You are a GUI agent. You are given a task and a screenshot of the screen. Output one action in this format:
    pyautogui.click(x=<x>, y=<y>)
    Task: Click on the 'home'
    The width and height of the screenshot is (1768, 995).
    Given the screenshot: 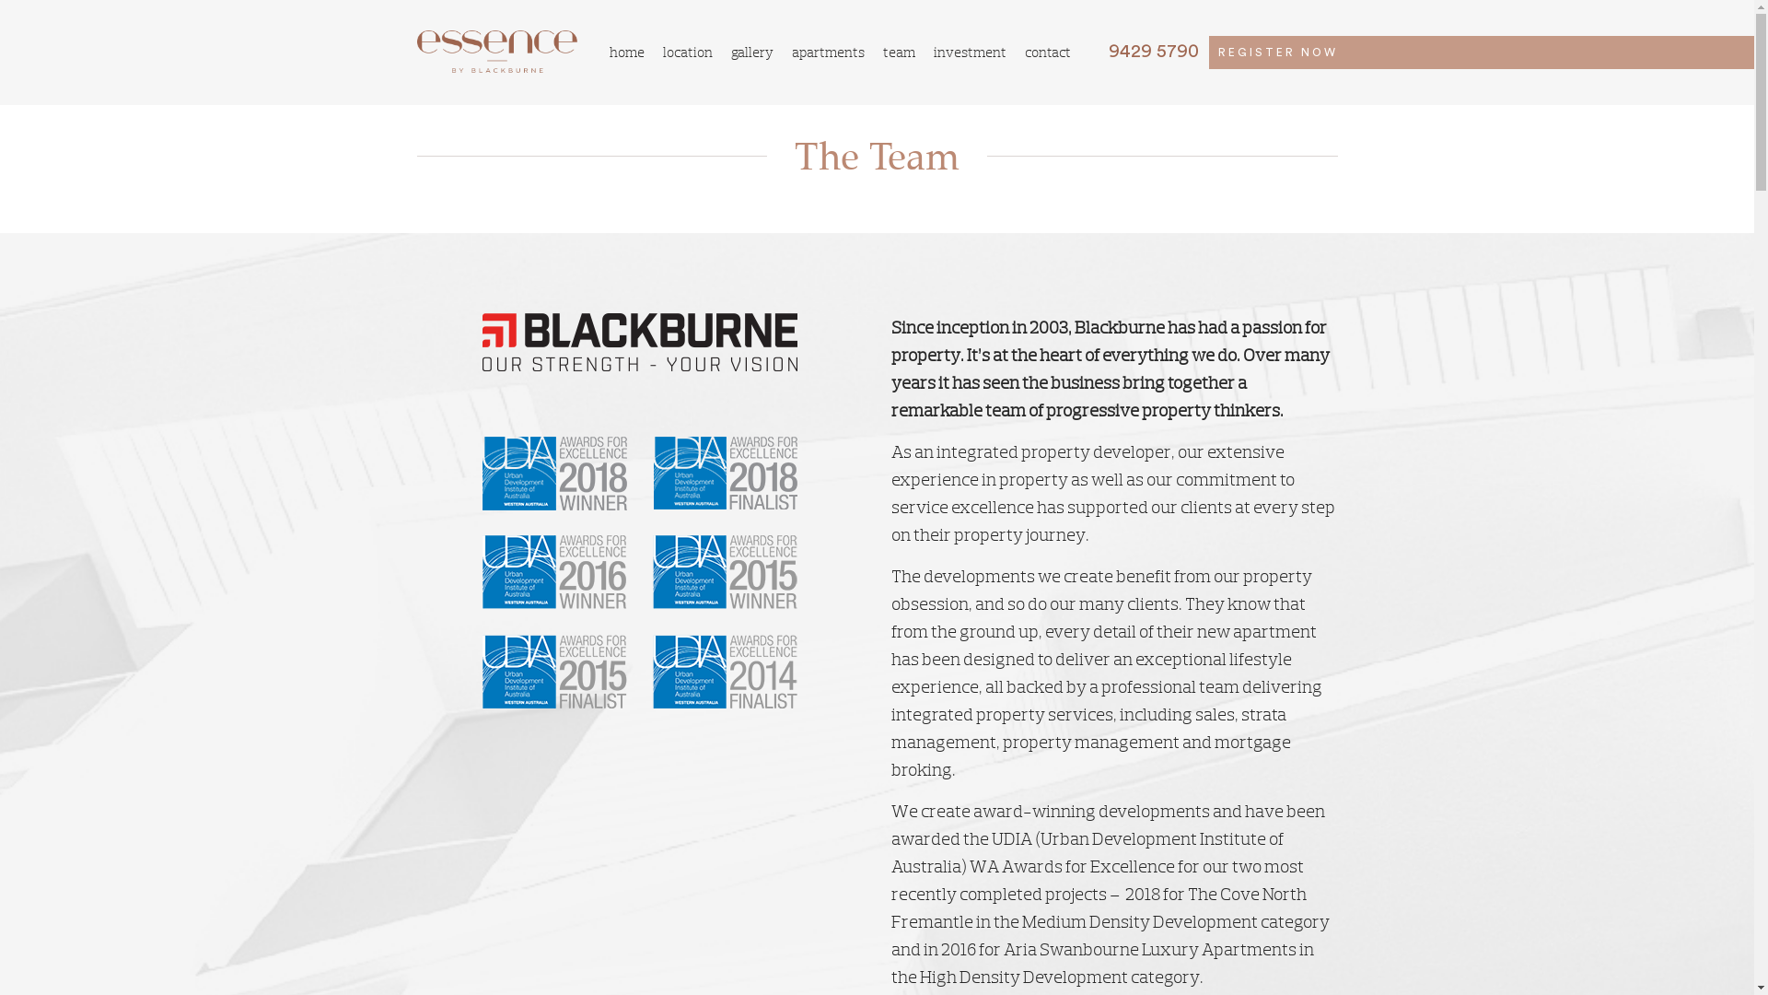 What is the action you would take?
    pyautogui.click(x=627, y=51)
    